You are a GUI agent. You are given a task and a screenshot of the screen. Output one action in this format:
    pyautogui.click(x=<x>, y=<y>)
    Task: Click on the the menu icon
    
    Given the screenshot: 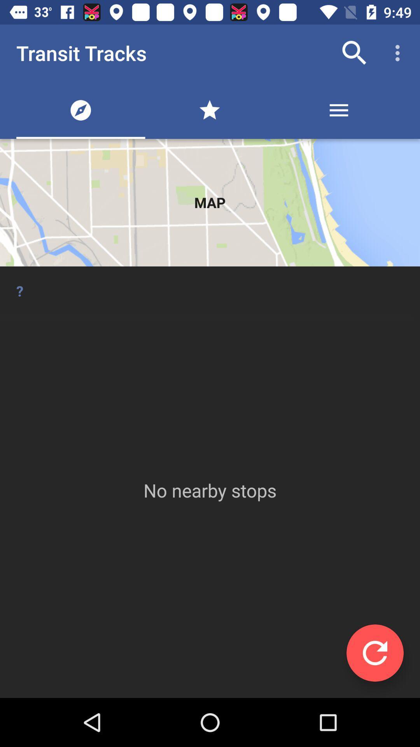 What is the action you would take?
    pyautogui.click(x=338, y=110)
    